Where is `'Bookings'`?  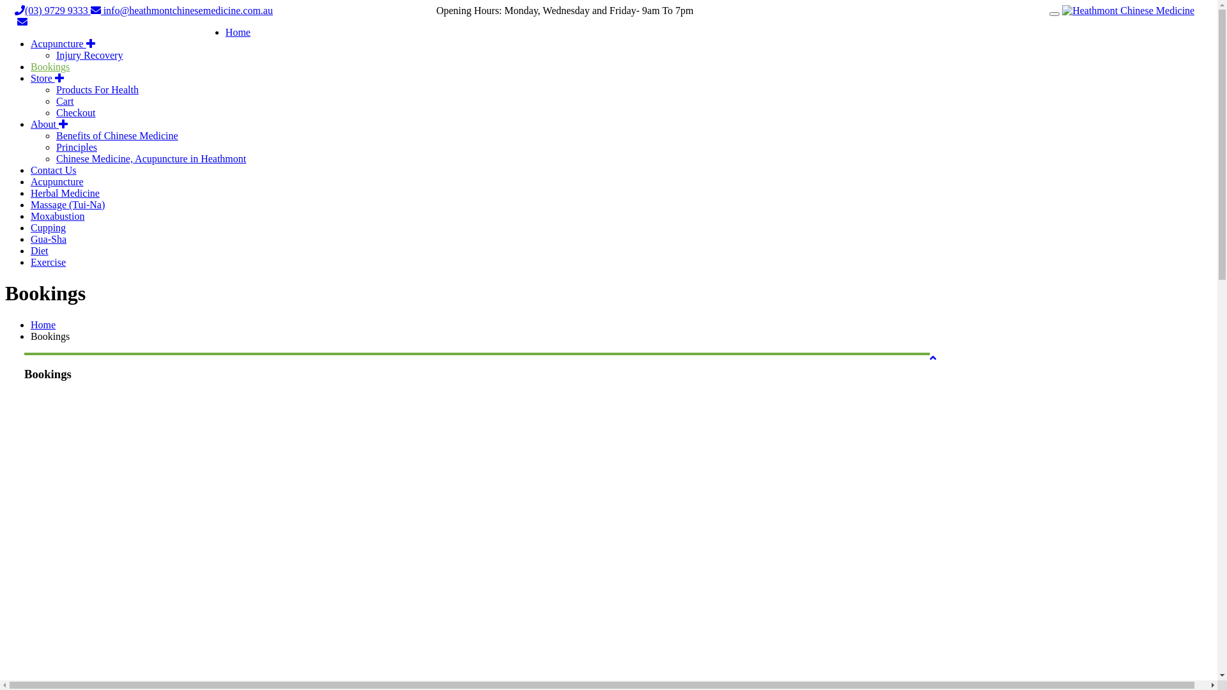 'Bookings' is located at coordinates (50, 66).